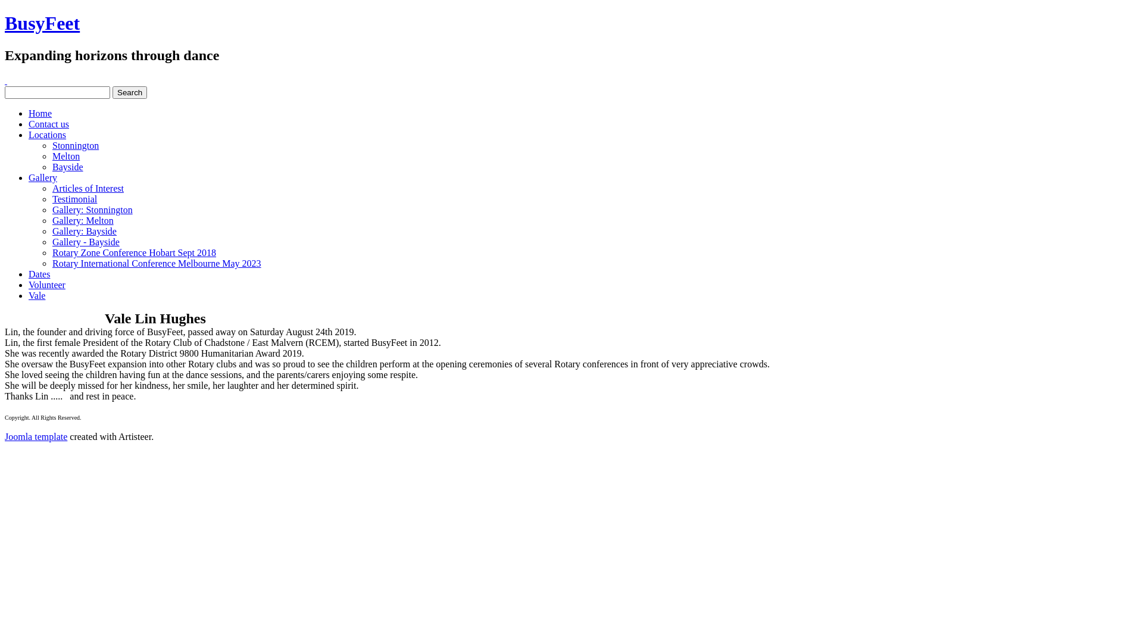  Describe the element at coordinates (92, 209) in the screenshot. I see `'Gallery: Stonnington'` at that location.